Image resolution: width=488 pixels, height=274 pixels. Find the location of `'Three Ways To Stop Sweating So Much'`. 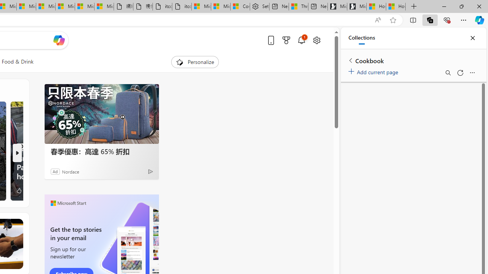

'Three Ways To Stop Sweating So Much' is located at coordinates (298, 6).